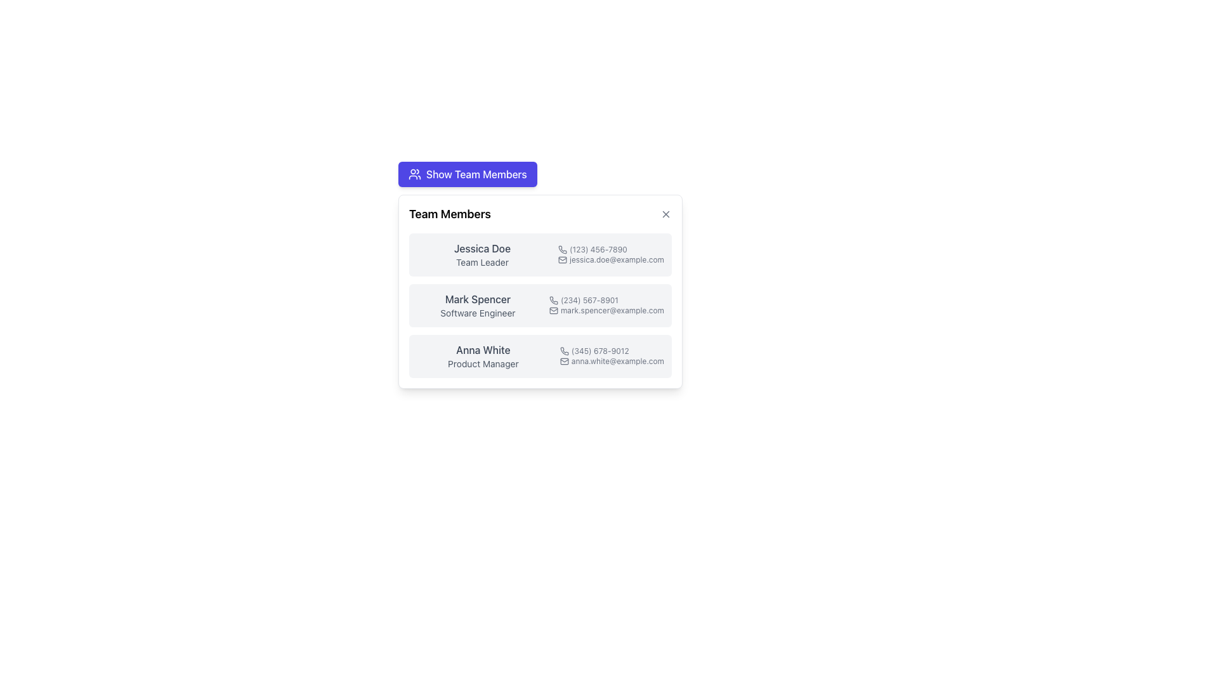 This screenshot has height=685, width=1218. Describe the element at coordinates (563, 351) in the screenshot. I see `the small dark phone icon with rounded edges located to the left of the text '(345) 678-9012' under the name 'Anna White' in the 'Team Members' section` at that location.